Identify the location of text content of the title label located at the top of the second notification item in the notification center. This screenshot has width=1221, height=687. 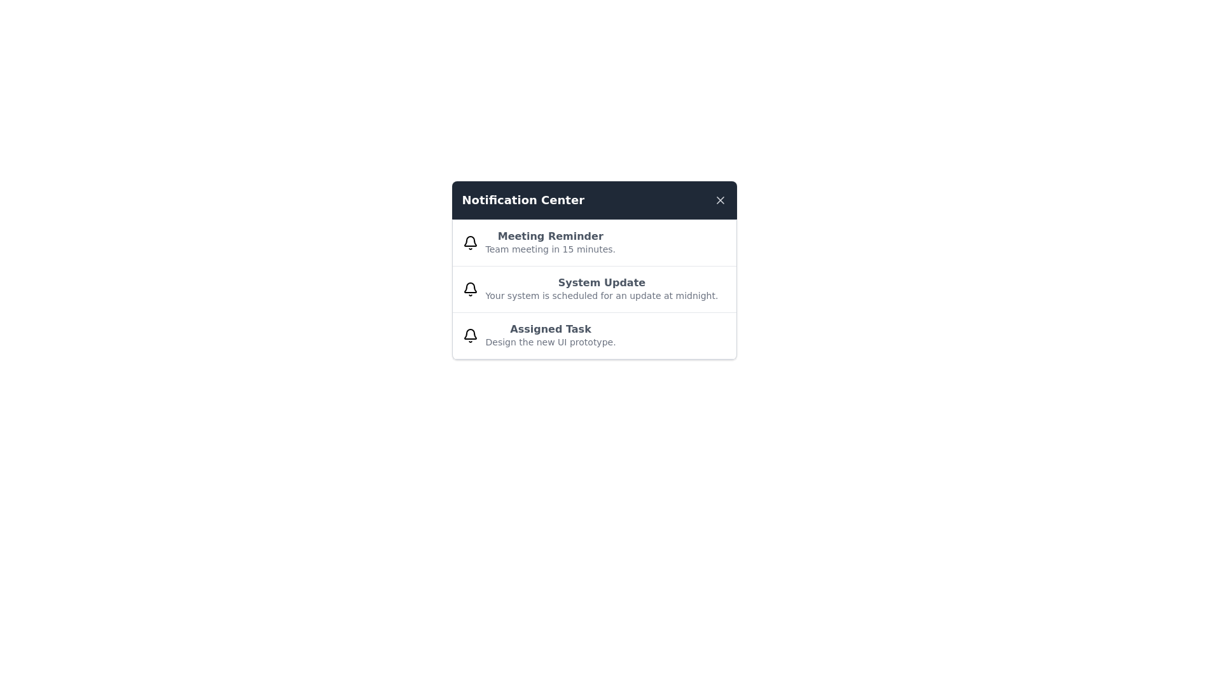
(601, 282).